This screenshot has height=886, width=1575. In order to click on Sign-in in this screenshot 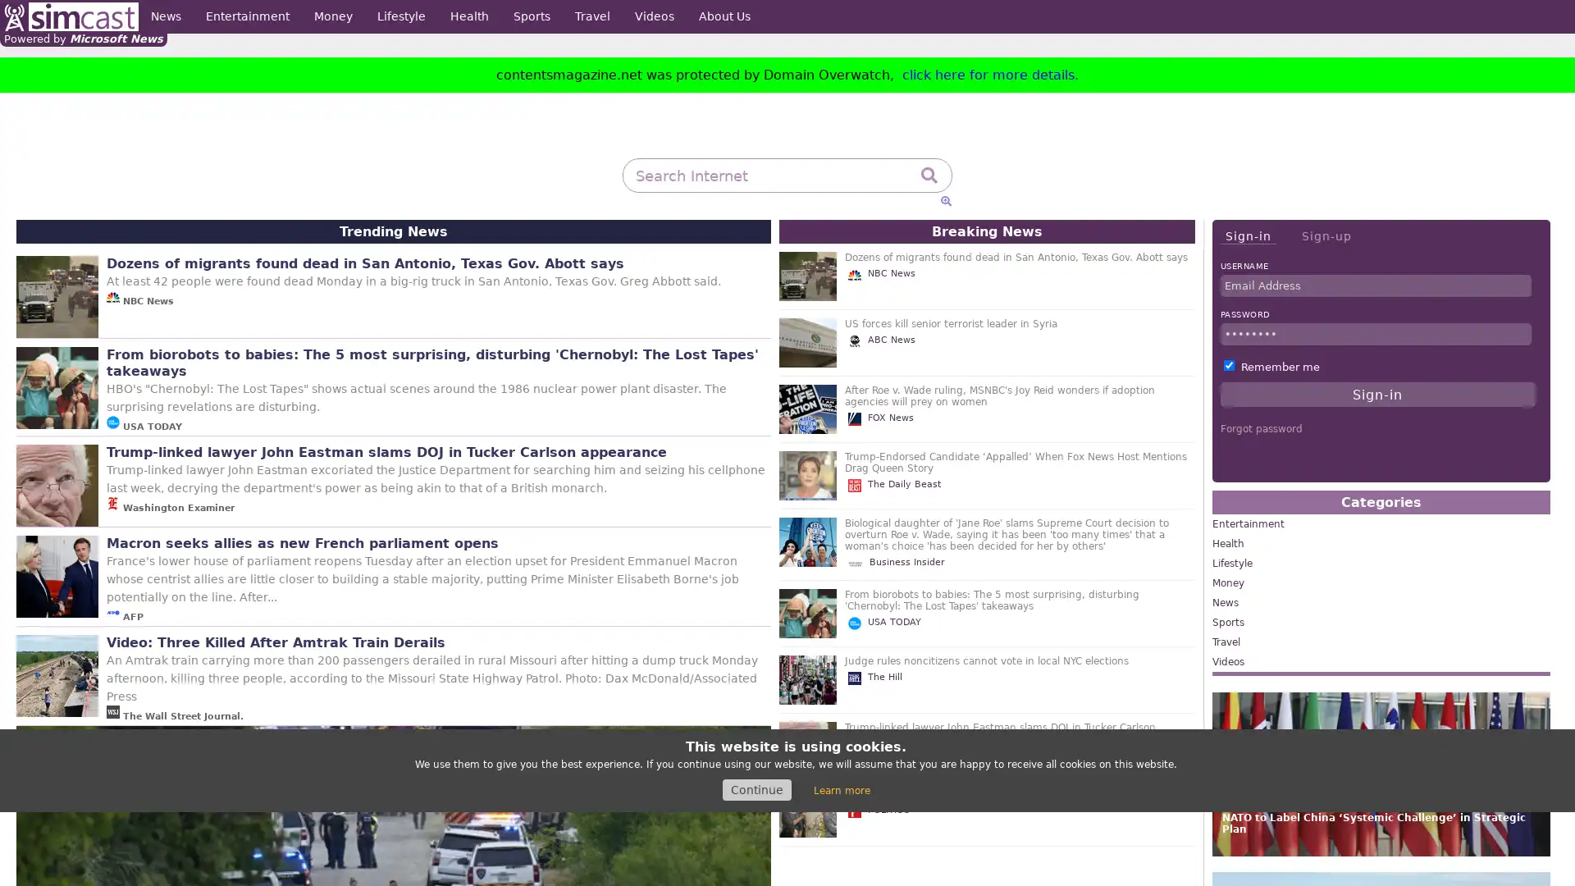, I will do `click(1377, 395)`.